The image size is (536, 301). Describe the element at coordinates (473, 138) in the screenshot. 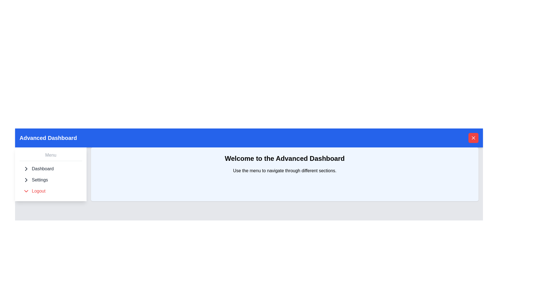

I see `the close button located in the top-right corner of the header section, visually styled as a red icon button, to trigger hover-specific visual effects` at that location.